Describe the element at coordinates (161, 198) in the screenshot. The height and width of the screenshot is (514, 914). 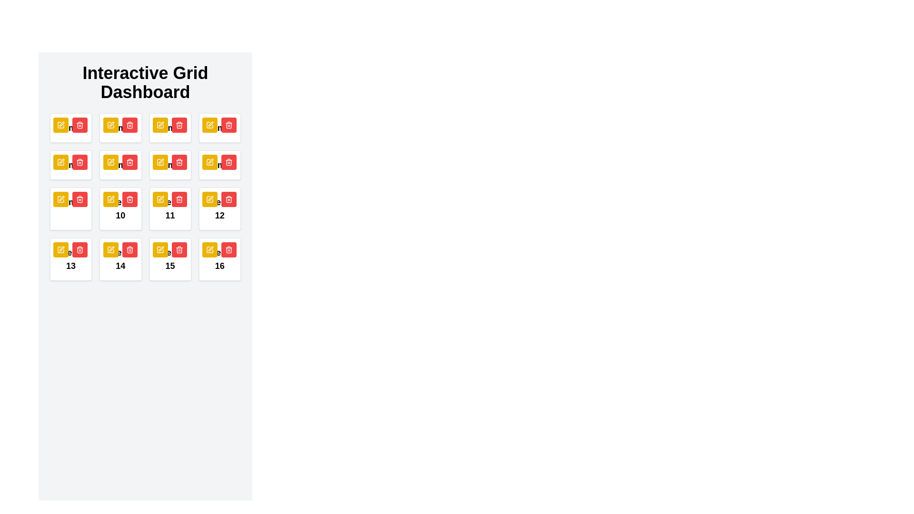
I see `the leftmost icon button in the grid cell labeled '11'` at that location.